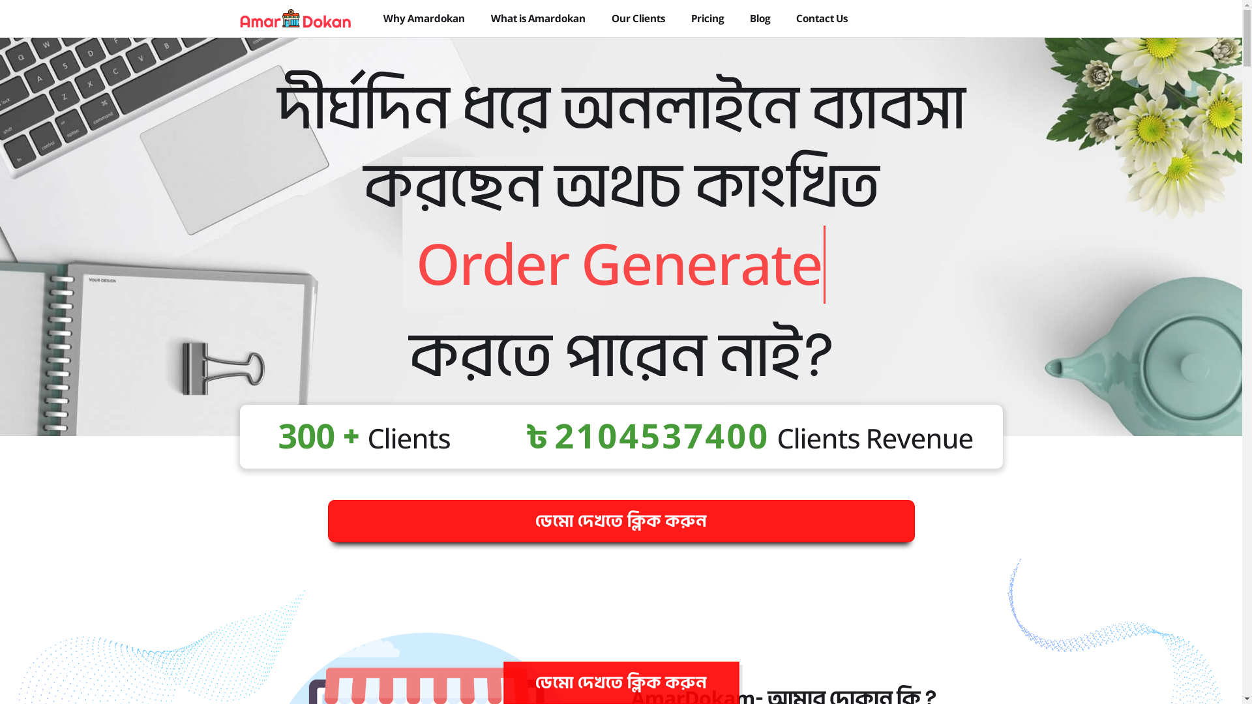  I want to click on 'Our Clients', so click(610, 18).